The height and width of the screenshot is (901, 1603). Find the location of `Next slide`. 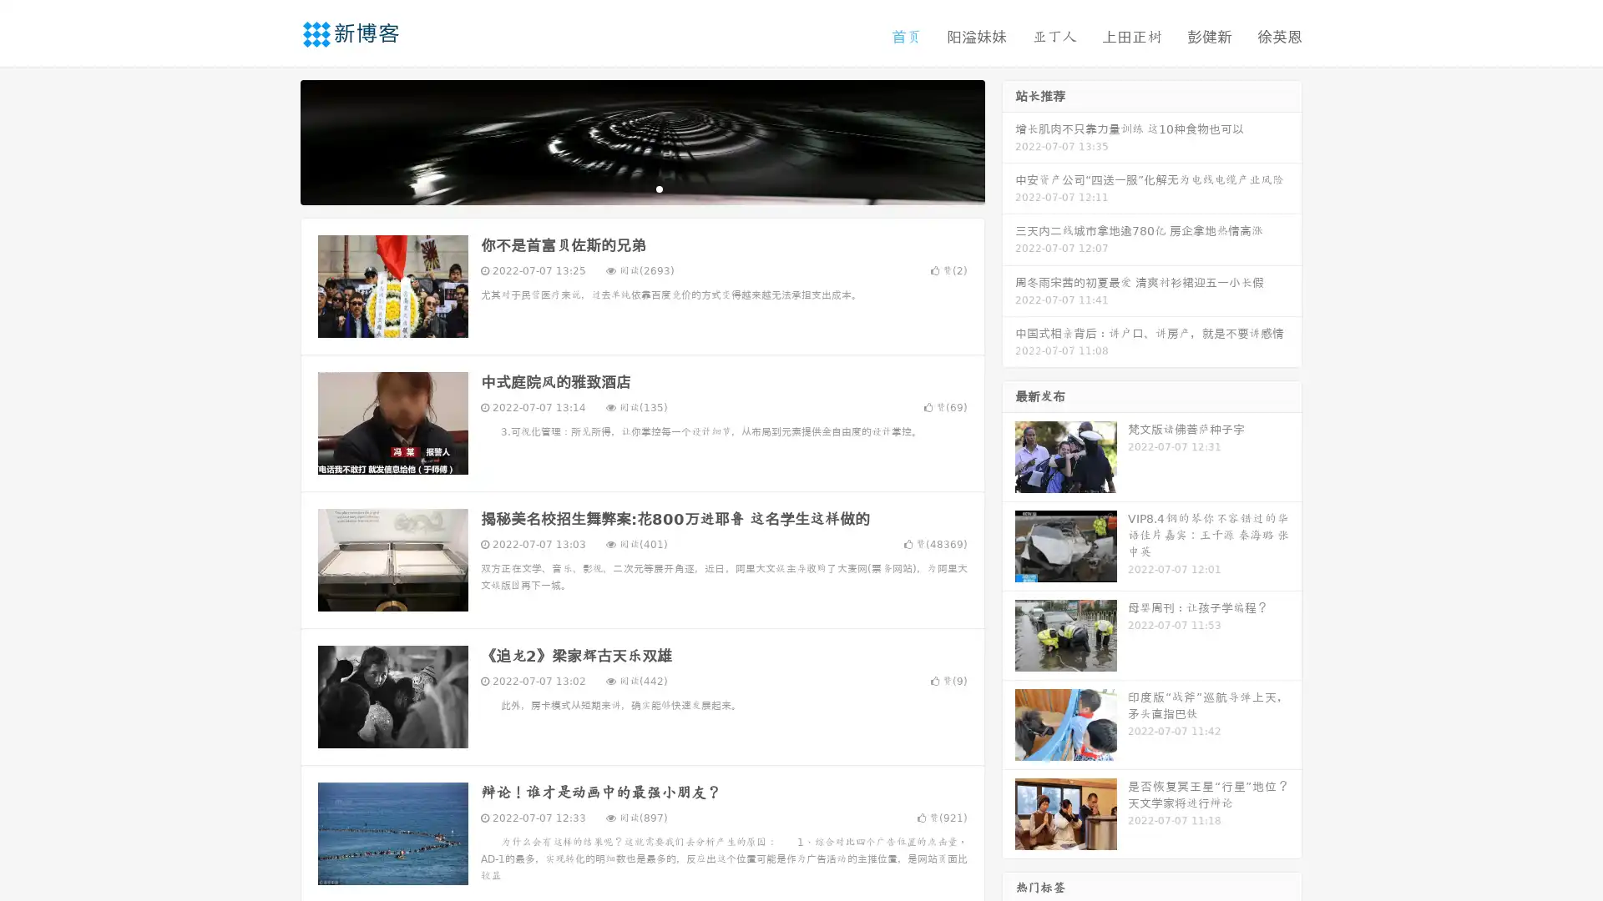

Next slide is located at coordinates (1009, 140).